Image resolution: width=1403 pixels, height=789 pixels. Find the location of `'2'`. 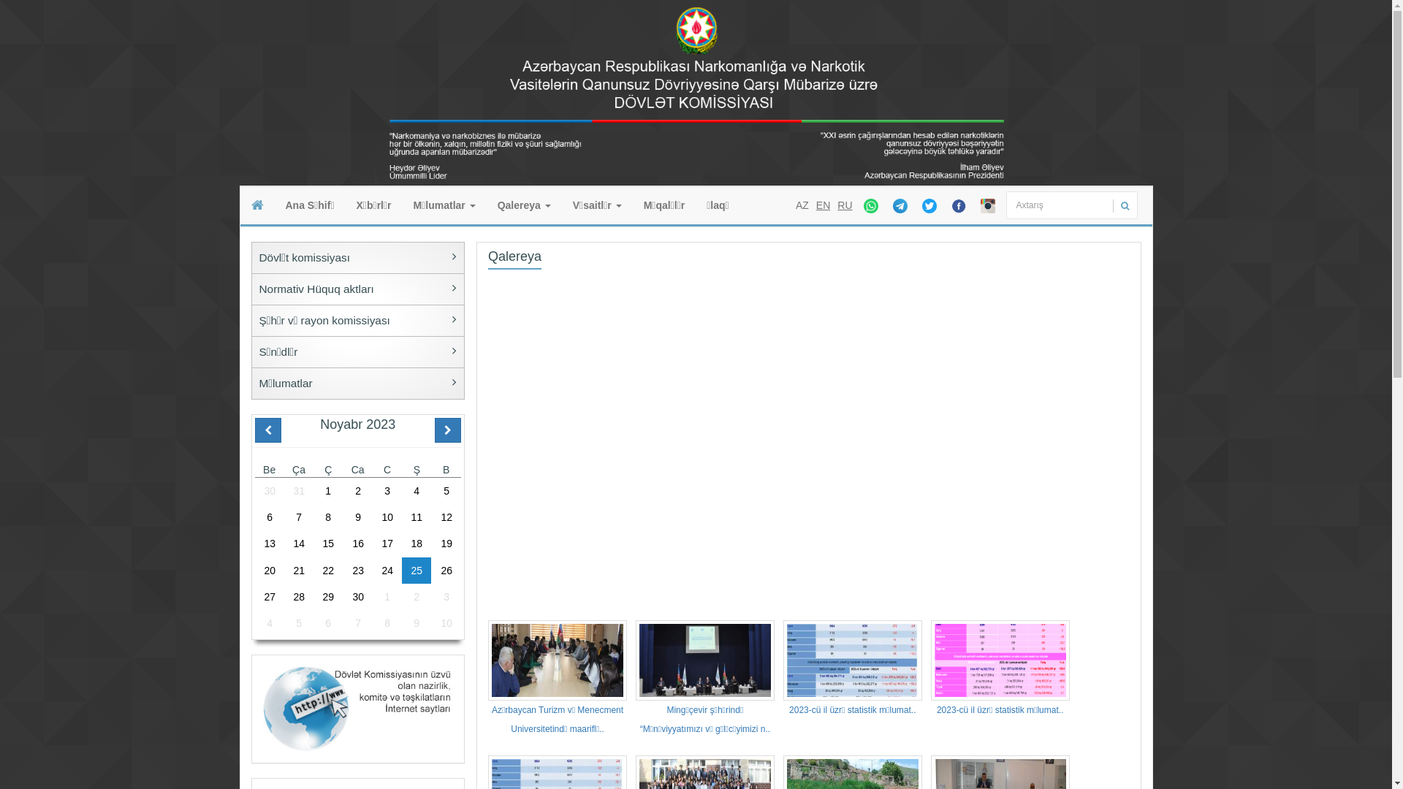

'2' is located at coordinates (357, 490).